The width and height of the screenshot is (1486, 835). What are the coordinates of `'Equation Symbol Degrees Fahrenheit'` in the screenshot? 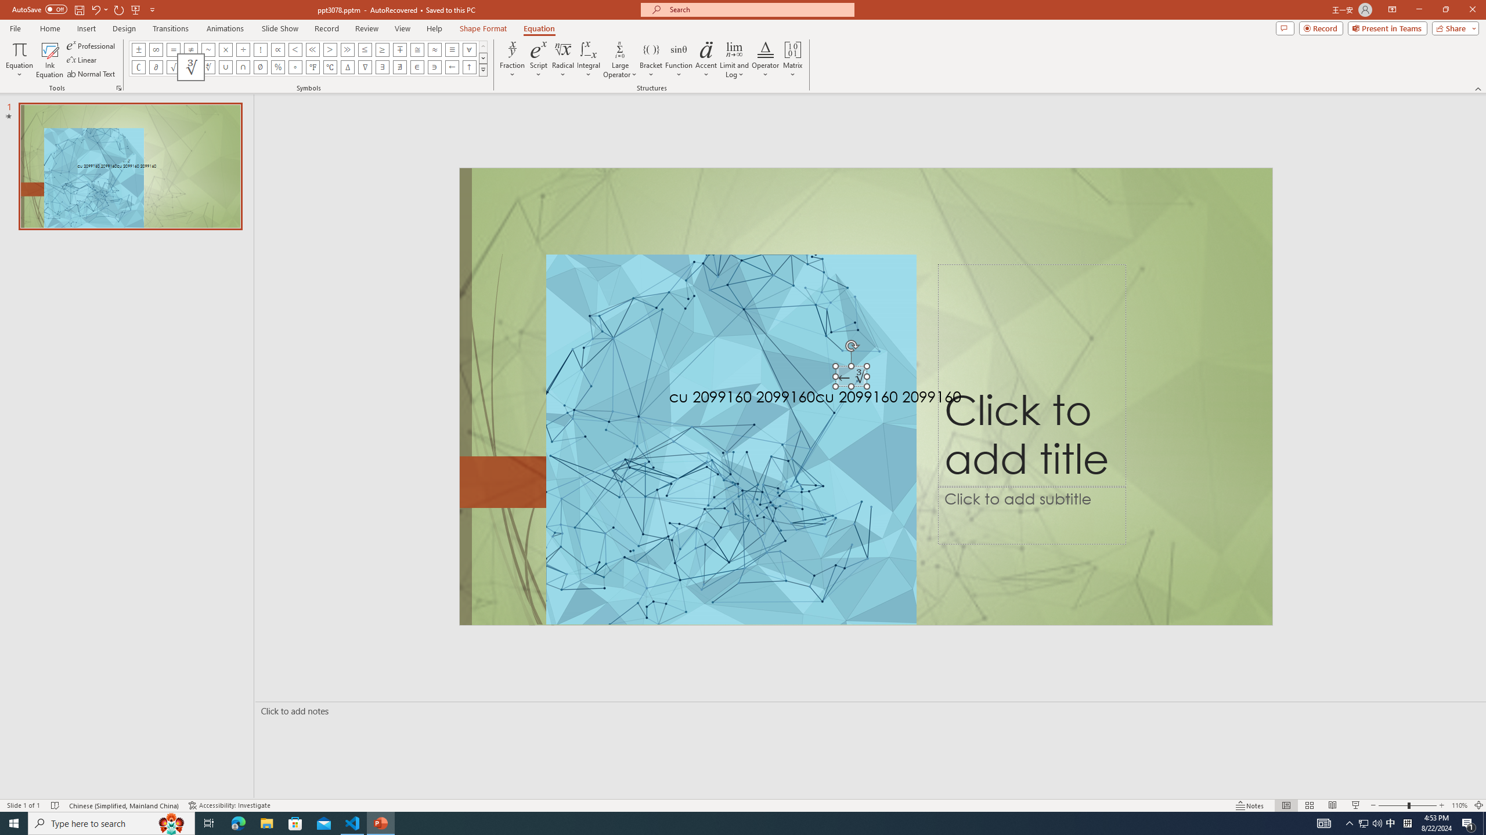 It's located at (312, 66).